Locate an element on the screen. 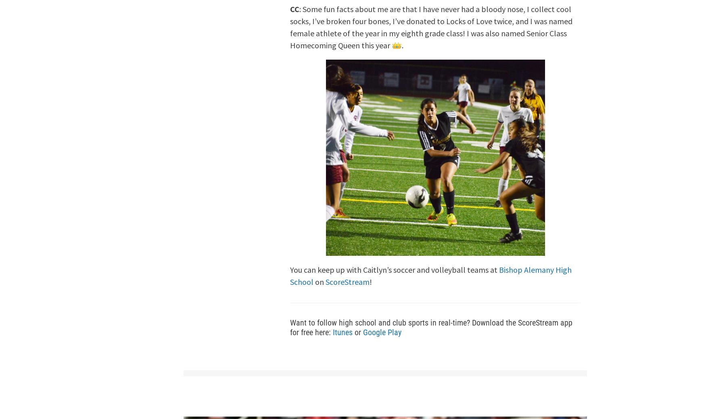 The width and height of the screenshot is (706, 419). 'or' is located at coordinates (352, 332).